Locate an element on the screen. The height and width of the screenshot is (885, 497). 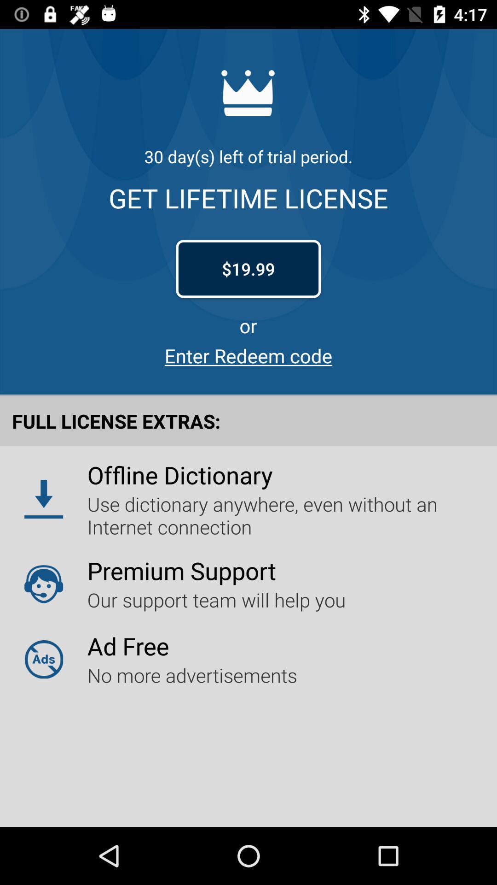
the link below or is located at coordinates (248, 355).